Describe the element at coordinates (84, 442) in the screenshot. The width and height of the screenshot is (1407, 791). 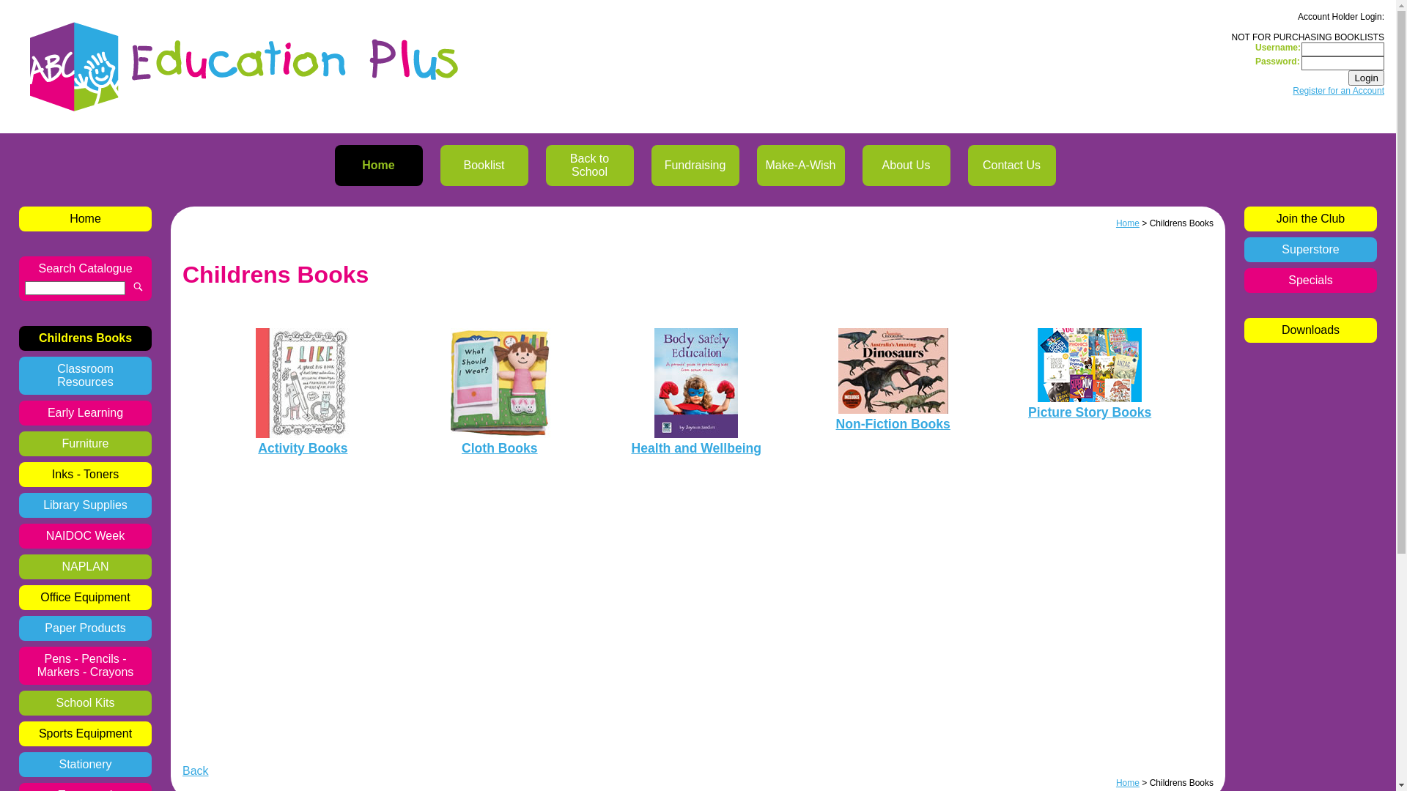
I see `'Furniture'` at that location.